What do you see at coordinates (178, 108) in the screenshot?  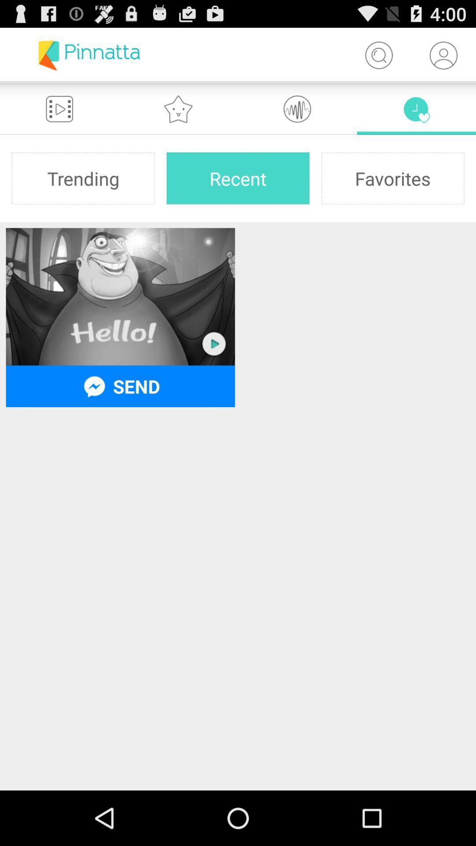 I see `the second icon from top left` at bounding box center [178, 108].